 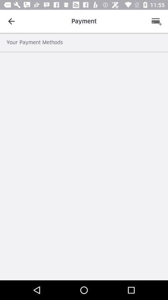 What do you see at coordinates (156, 21) in the screenshot?
I see `the item above the your payment methods` at bounding box center [156, 21].